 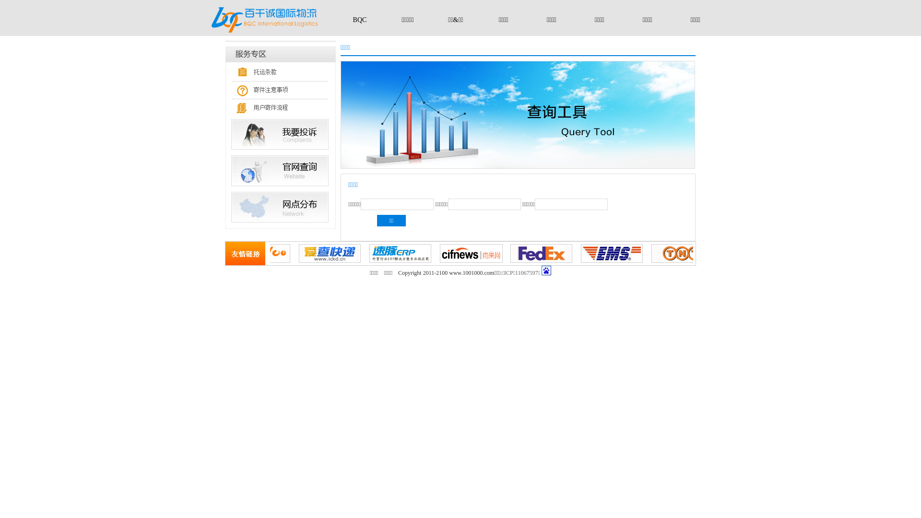 What do you see at coordinates (359, 20) in the screenshot?
I see `'BQC'` at bounding box center [359, 20].